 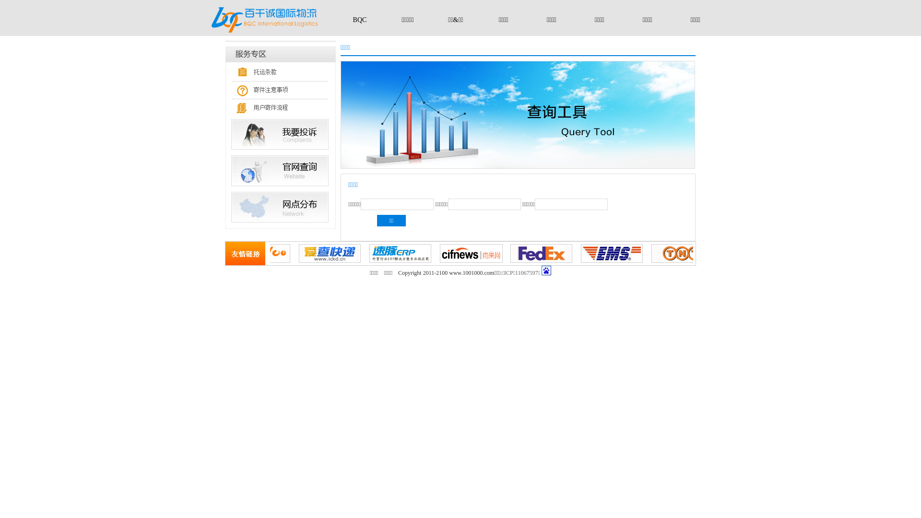 What do you see at coordinates (359, 20) in the screenshot?
I see `'BQC'` at bounding box center [359, 20].